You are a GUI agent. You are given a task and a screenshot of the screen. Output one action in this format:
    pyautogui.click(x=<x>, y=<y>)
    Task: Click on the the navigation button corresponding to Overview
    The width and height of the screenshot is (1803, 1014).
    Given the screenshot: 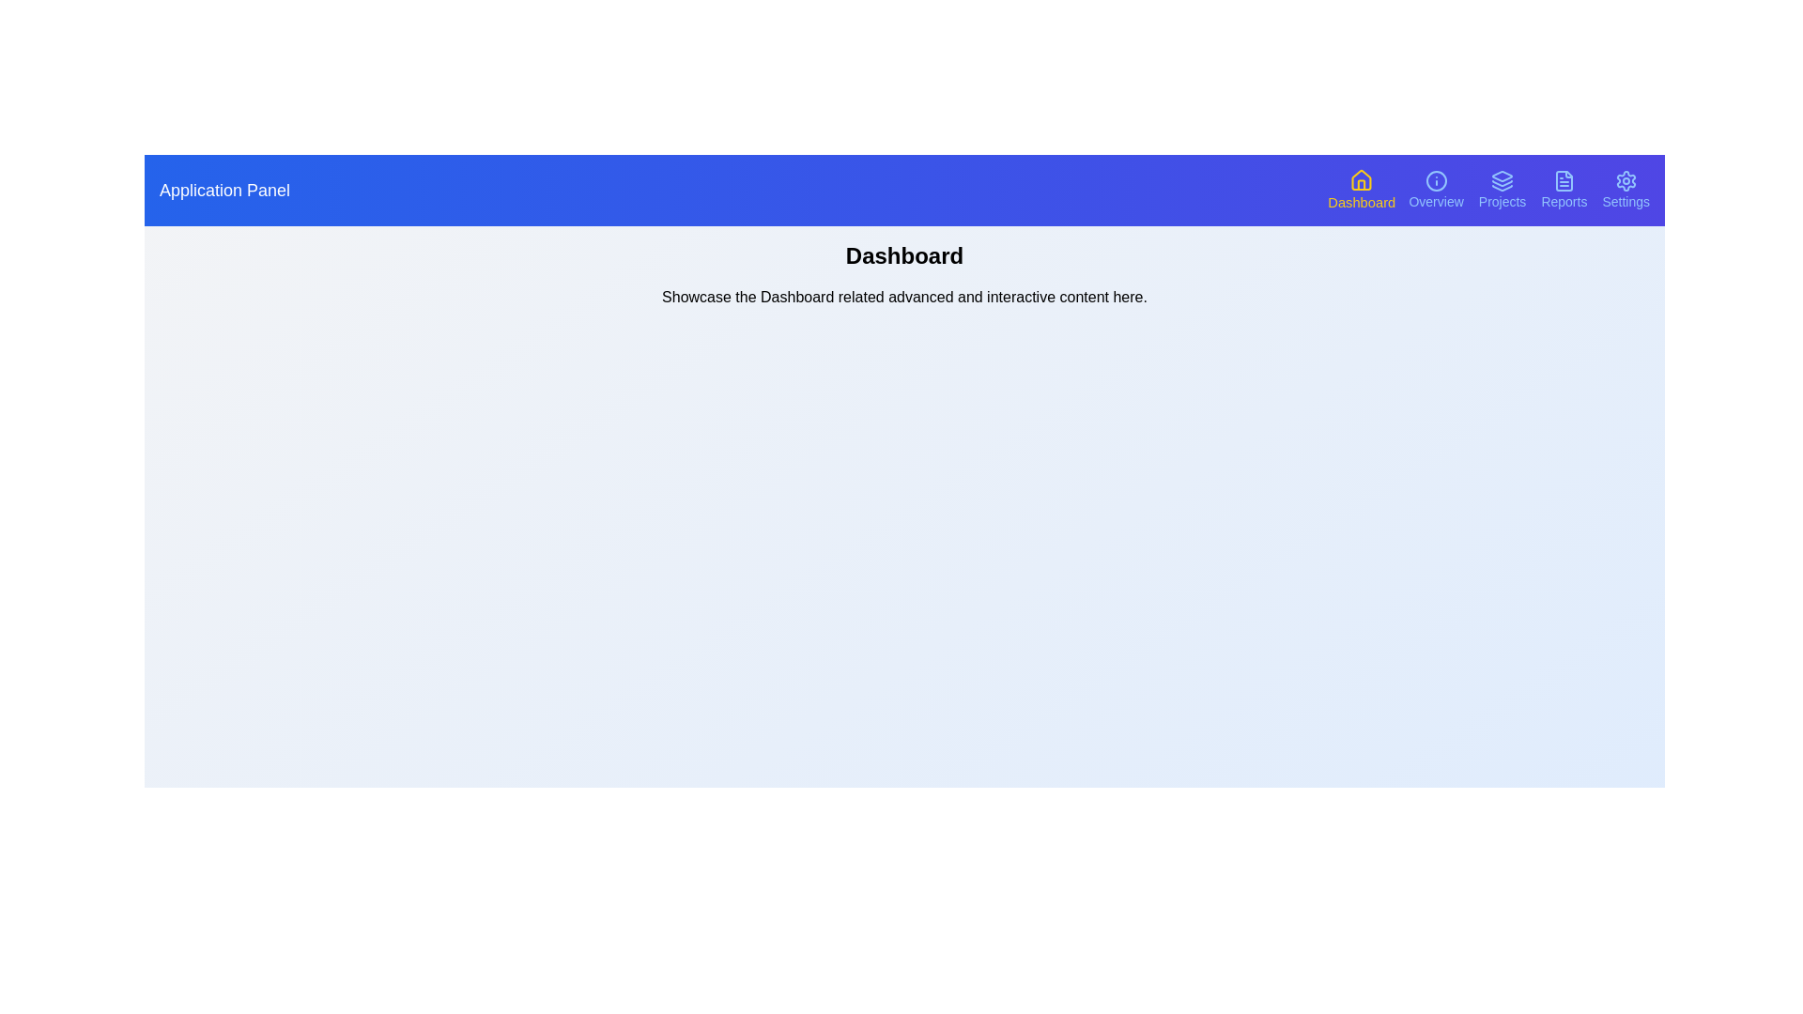 What is the action you would take?
    pyautogui.click(x=1435, y=191)
    